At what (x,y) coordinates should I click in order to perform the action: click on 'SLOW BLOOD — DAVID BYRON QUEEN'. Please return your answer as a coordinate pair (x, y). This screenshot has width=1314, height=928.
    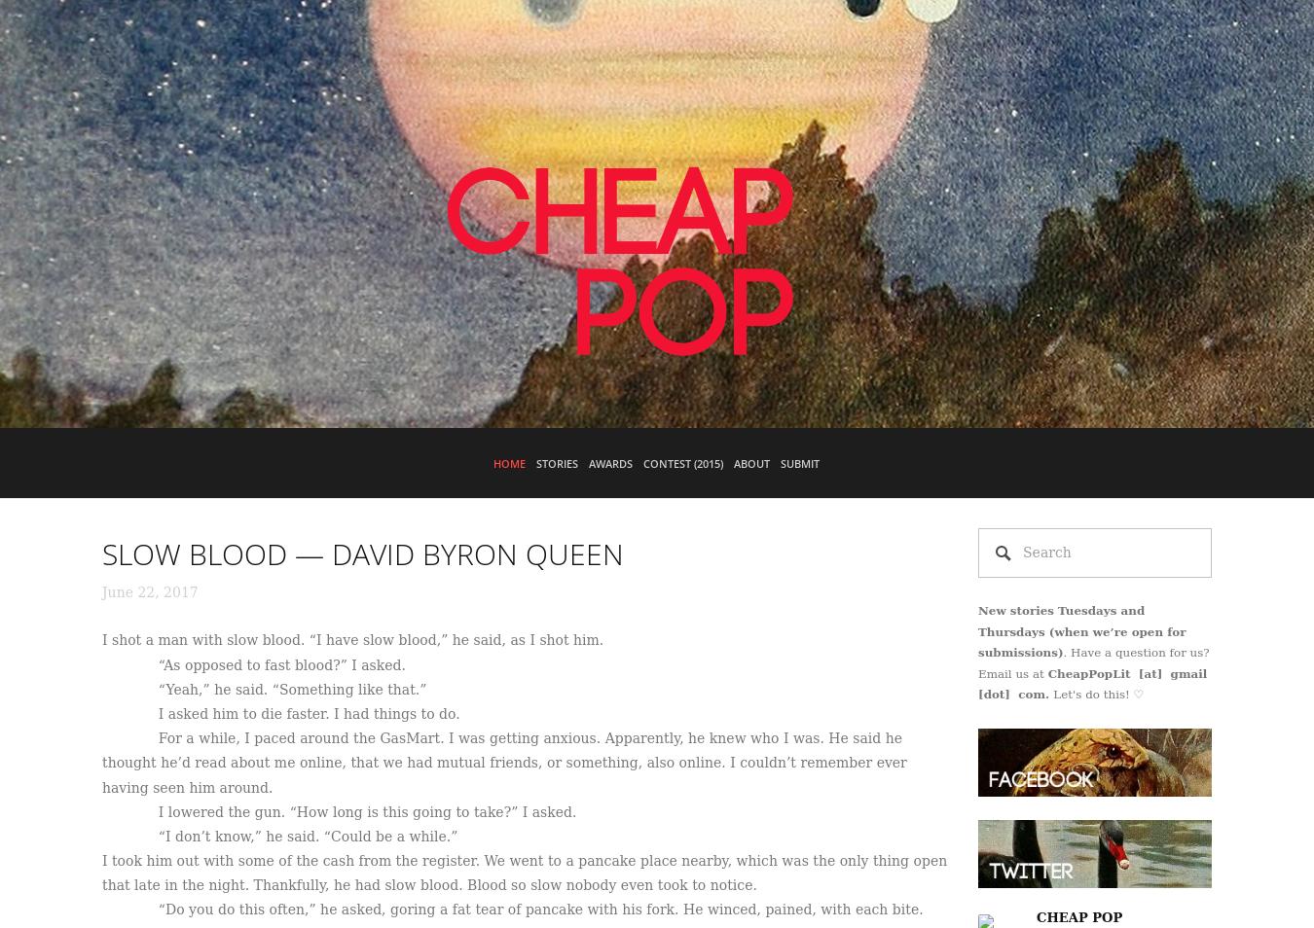
    Looking at the image, I should click on (363, 553).